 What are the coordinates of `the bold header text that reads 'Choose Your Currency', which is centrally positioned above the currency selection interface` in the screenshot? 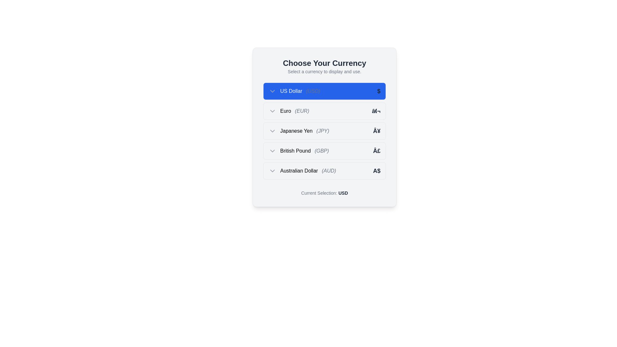 It's located at (324, 63).